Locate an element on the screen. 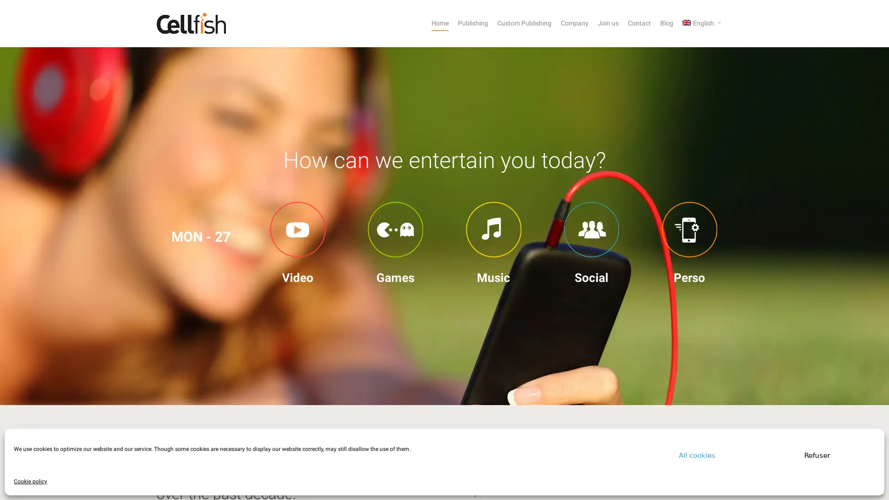  All cookies is located at coordinates (697, 455).